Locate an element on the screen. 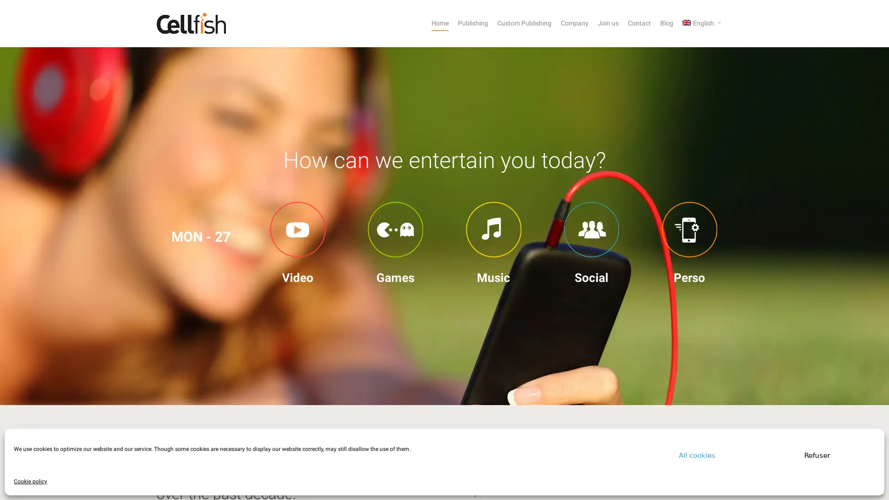  All cookies is located at coordinates (697, 455).